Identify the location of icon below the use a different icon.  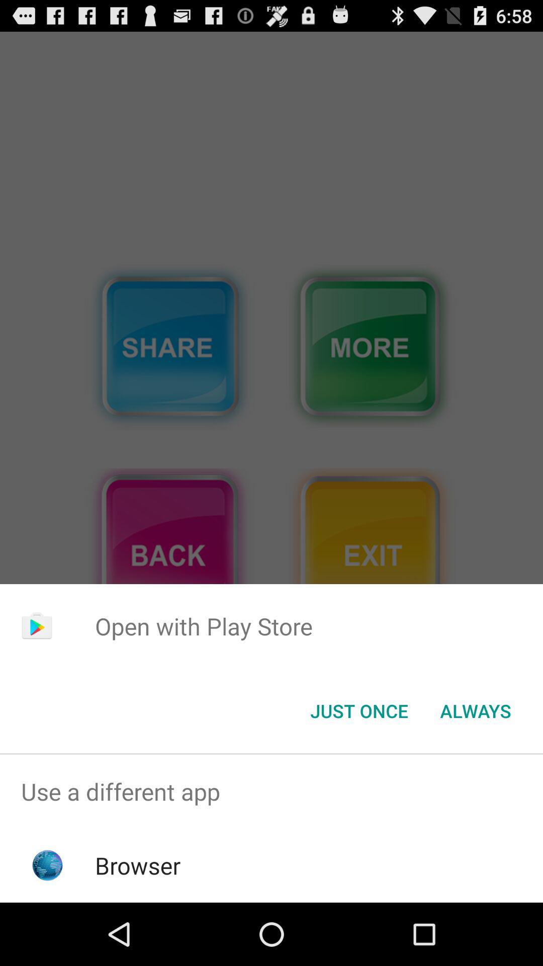
(138, 865).